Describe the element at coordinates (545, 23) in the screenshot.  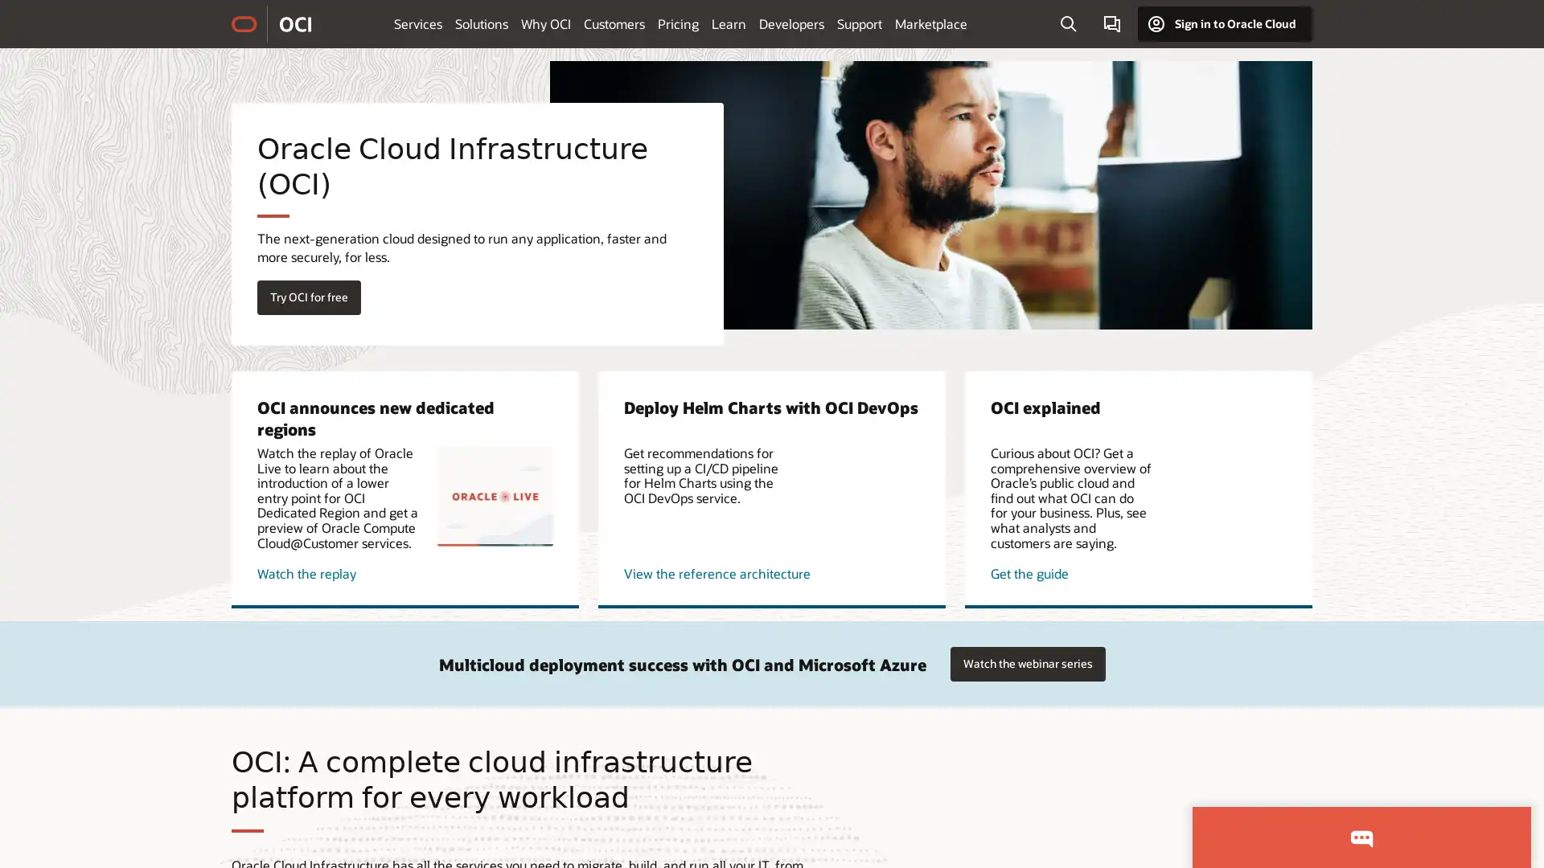
I see `Why OCI` at that location.